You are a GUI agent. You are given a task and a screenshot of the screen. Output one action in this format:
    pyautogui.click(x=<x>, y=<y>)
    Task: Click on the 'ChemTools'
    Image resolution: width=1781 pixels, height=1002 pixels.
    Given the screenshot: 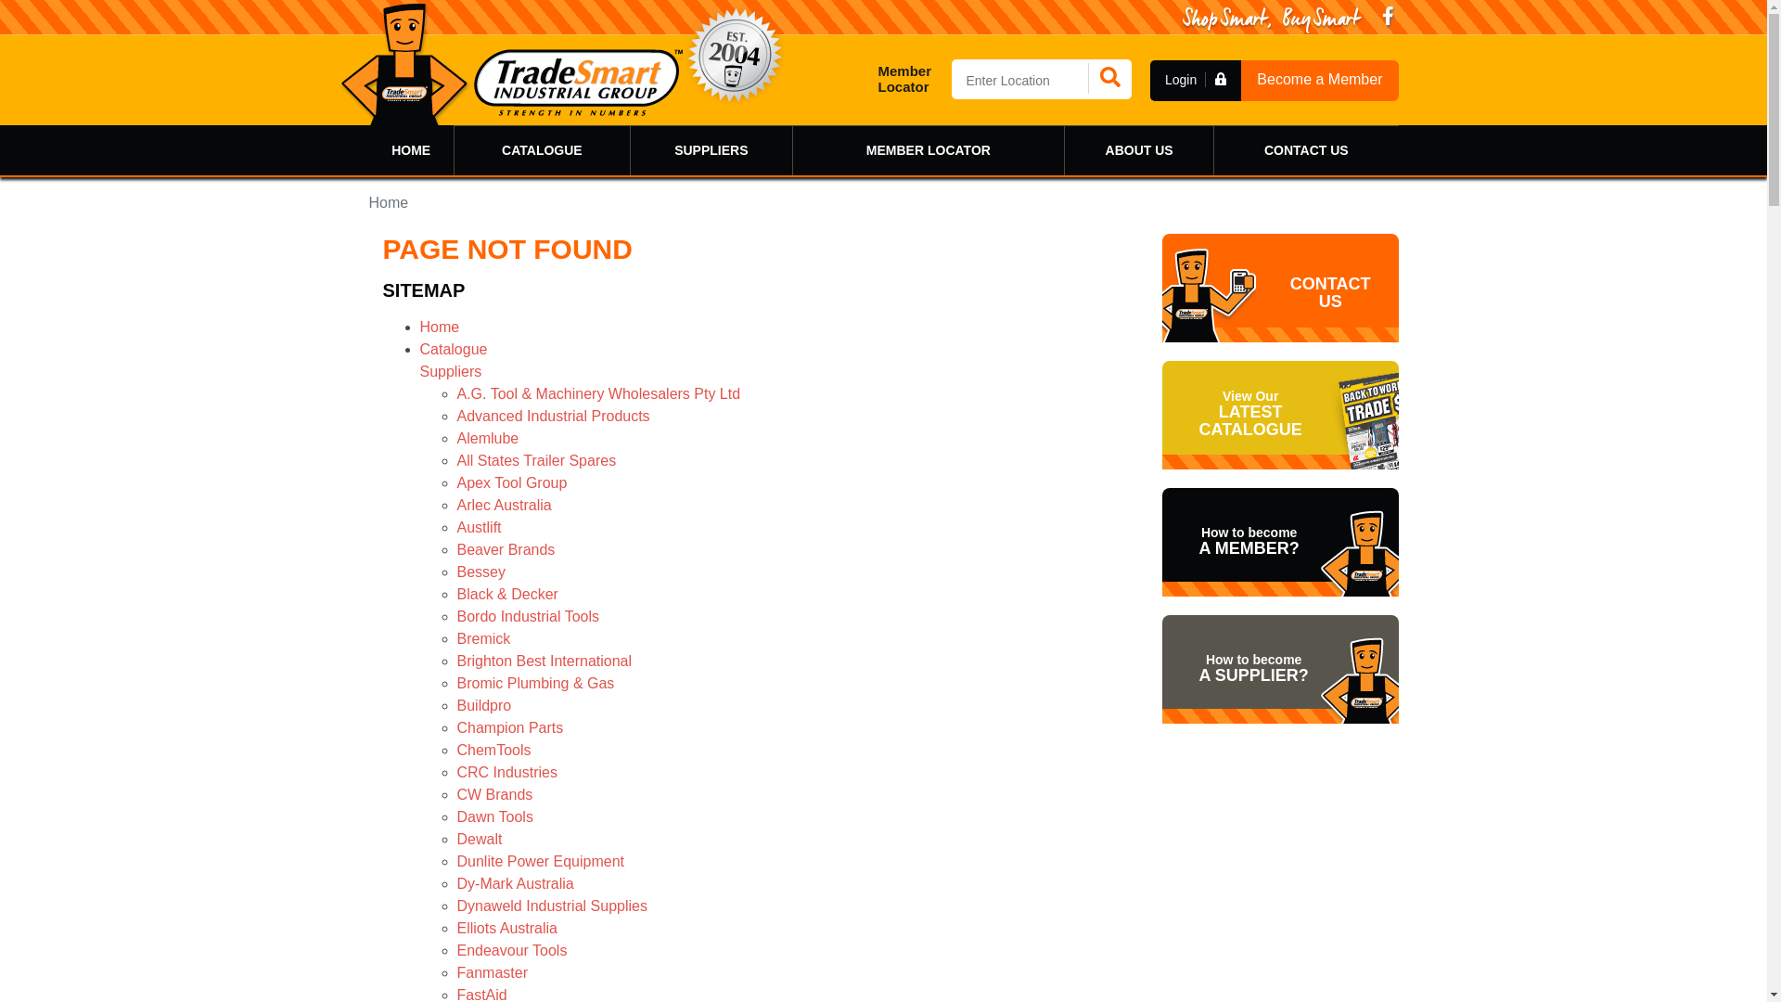 What is the action you would take?
    pyautogui.click(x=493, y=749)
    